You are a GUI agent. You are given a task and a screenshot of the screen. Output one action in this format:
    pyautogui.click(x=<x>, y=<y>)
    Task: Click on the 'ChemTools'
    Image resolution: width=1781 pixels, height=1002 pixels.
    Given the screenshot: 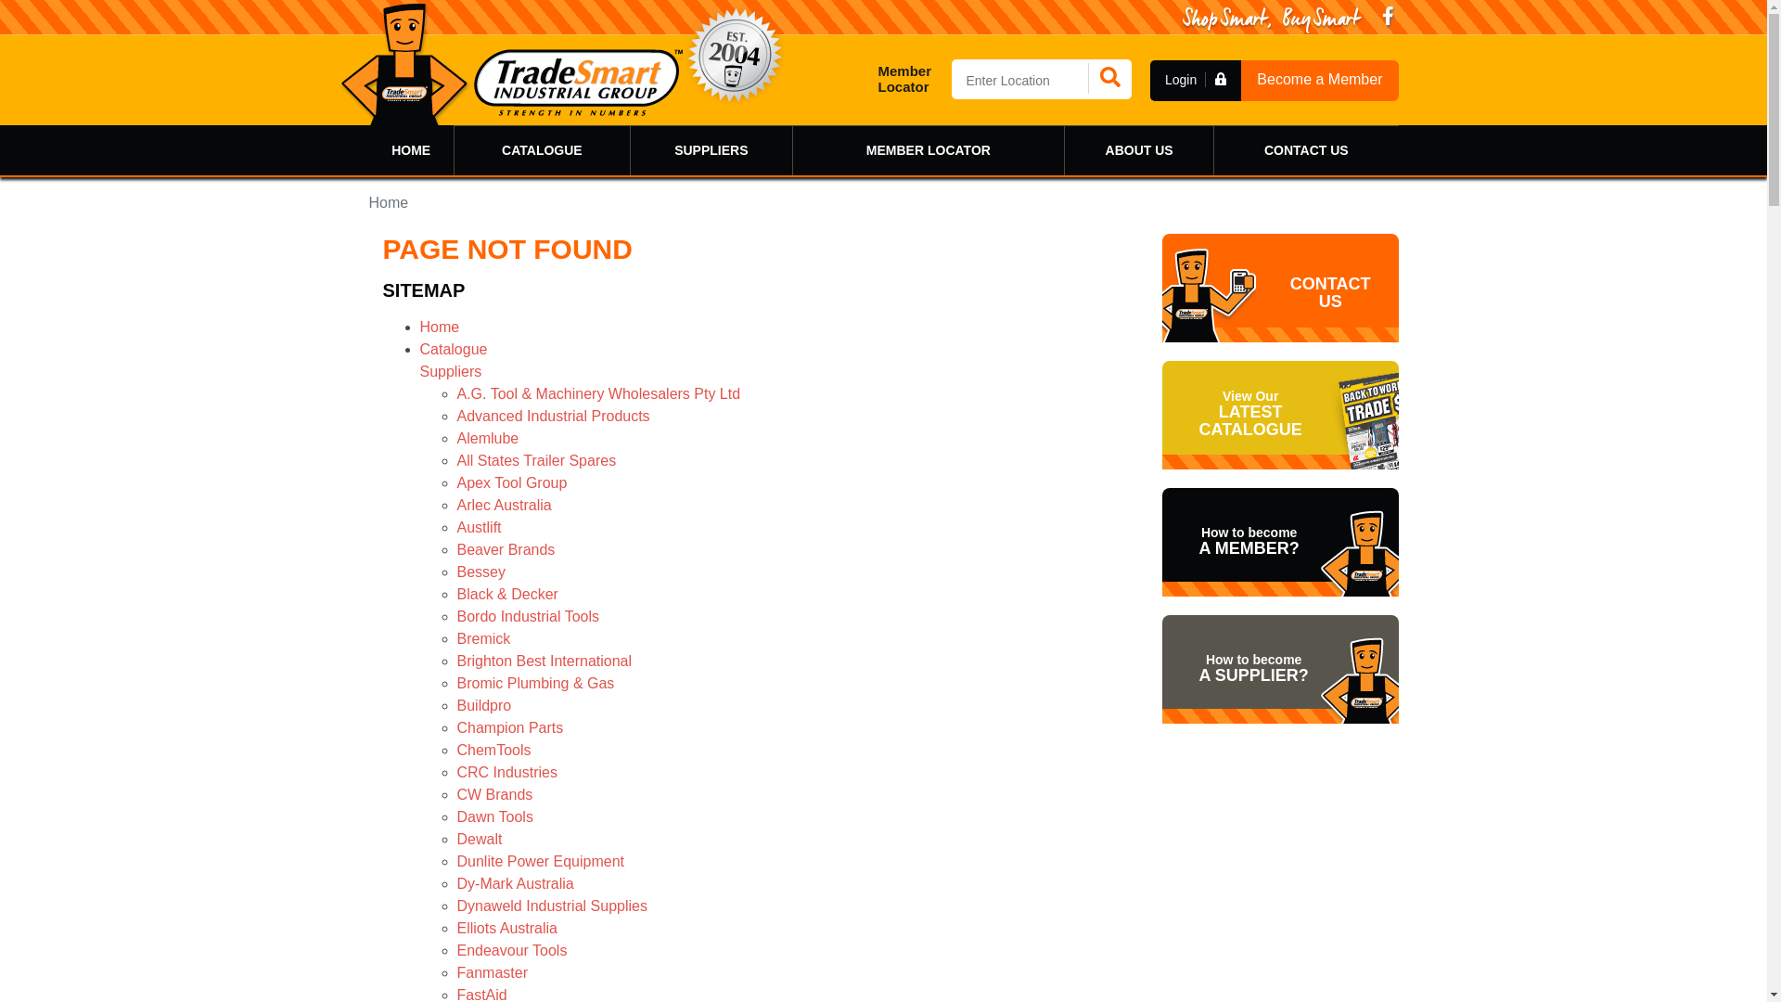 What is the action you would take?
    pyautogui.click(x=493, y=749)
    